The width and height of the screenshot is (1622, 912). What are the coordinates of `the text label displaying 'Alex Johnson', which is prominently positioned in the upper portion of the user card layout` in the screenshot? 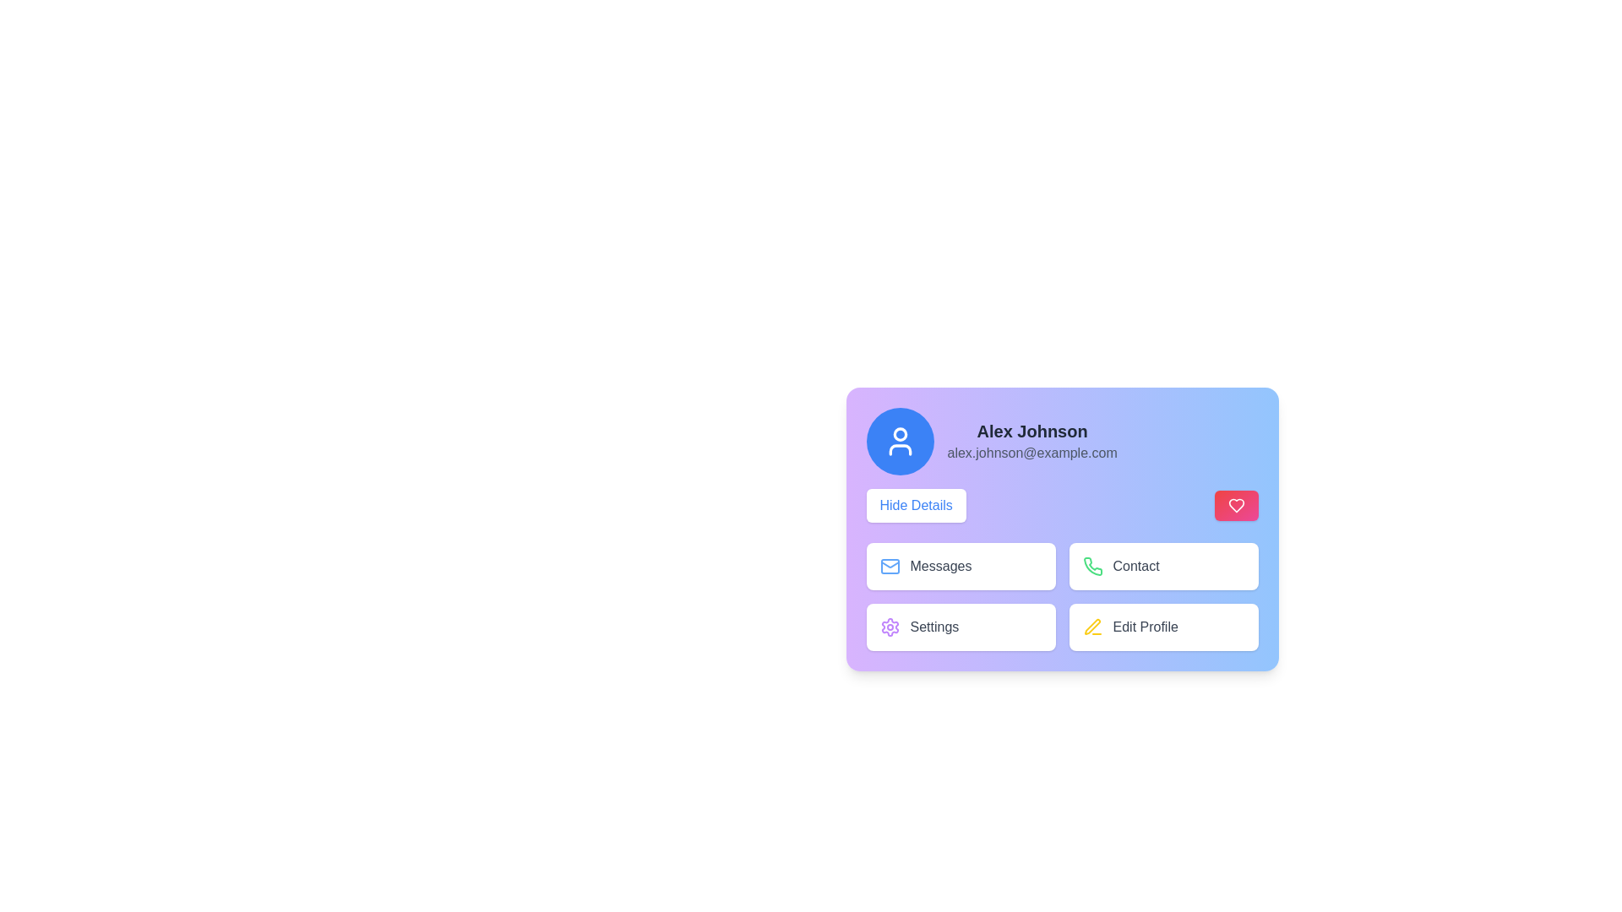 It's located at (1031, 430).